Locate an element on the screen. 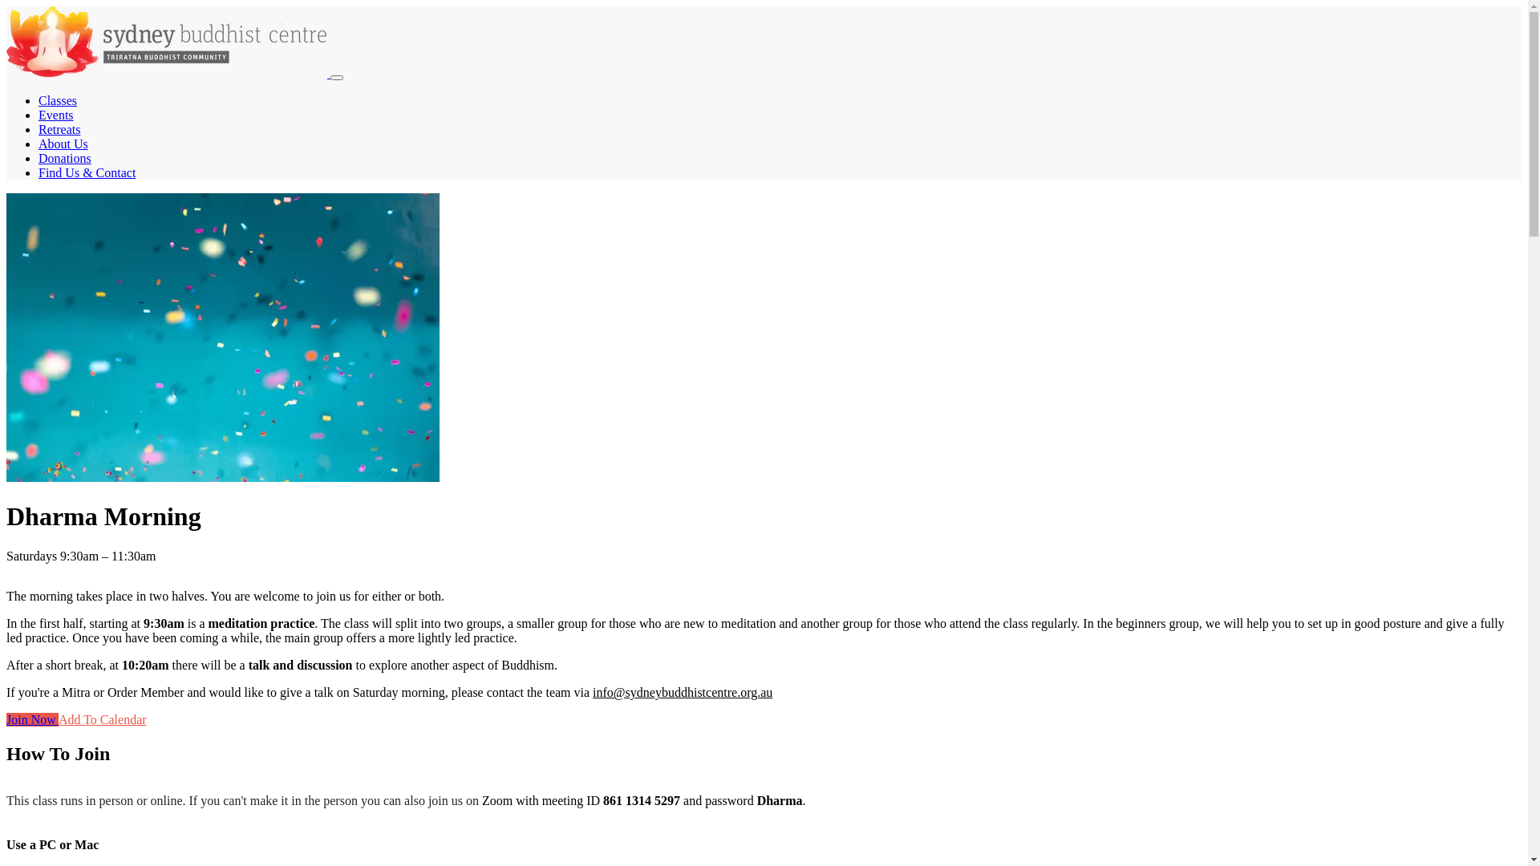 This screenshot has width=1540, height=866. 'Events' is located at coordinates (56, 114).